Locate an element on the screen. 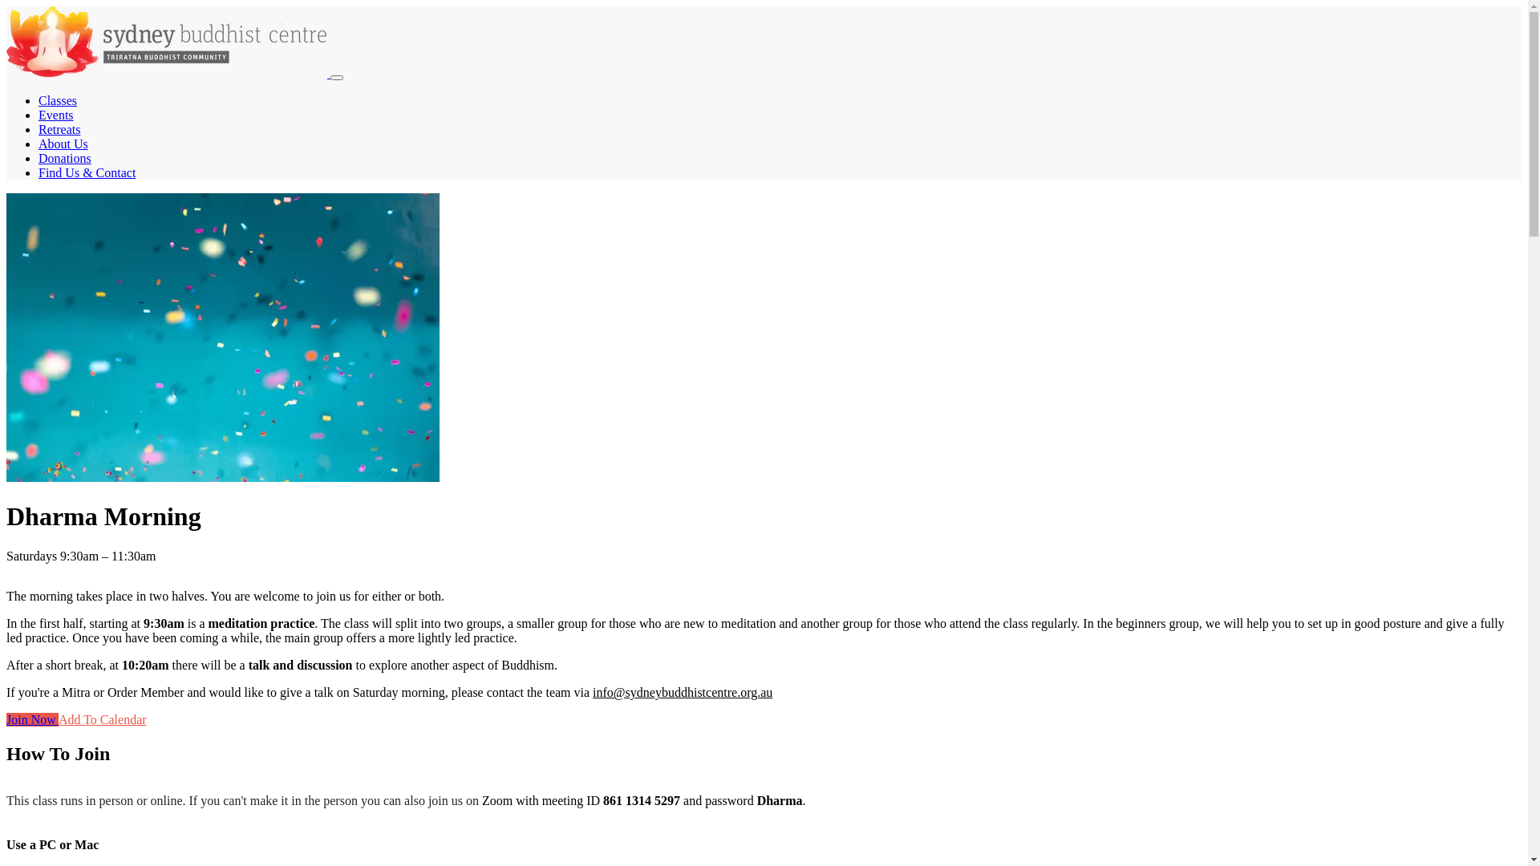 This screenshot has width=1540, height=866. 'Events' is located at coordinates (56, 114).